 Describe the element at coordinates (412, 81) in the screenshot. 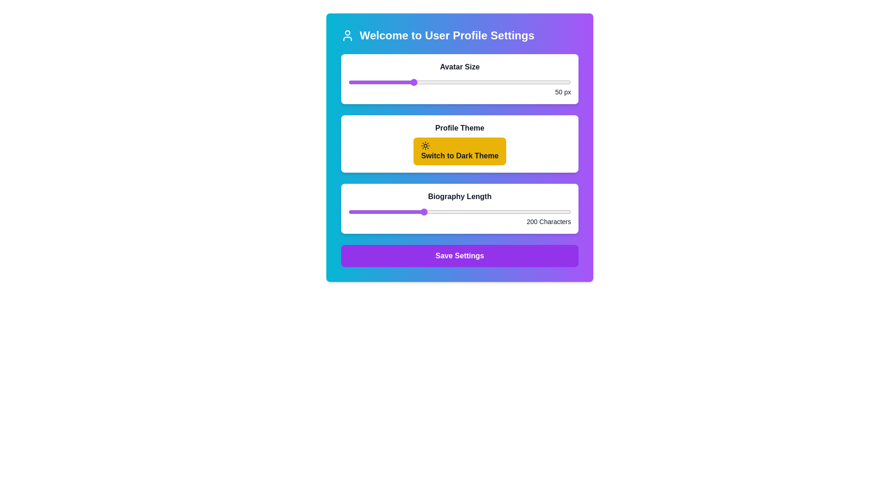

I see `avatar size` at that location.